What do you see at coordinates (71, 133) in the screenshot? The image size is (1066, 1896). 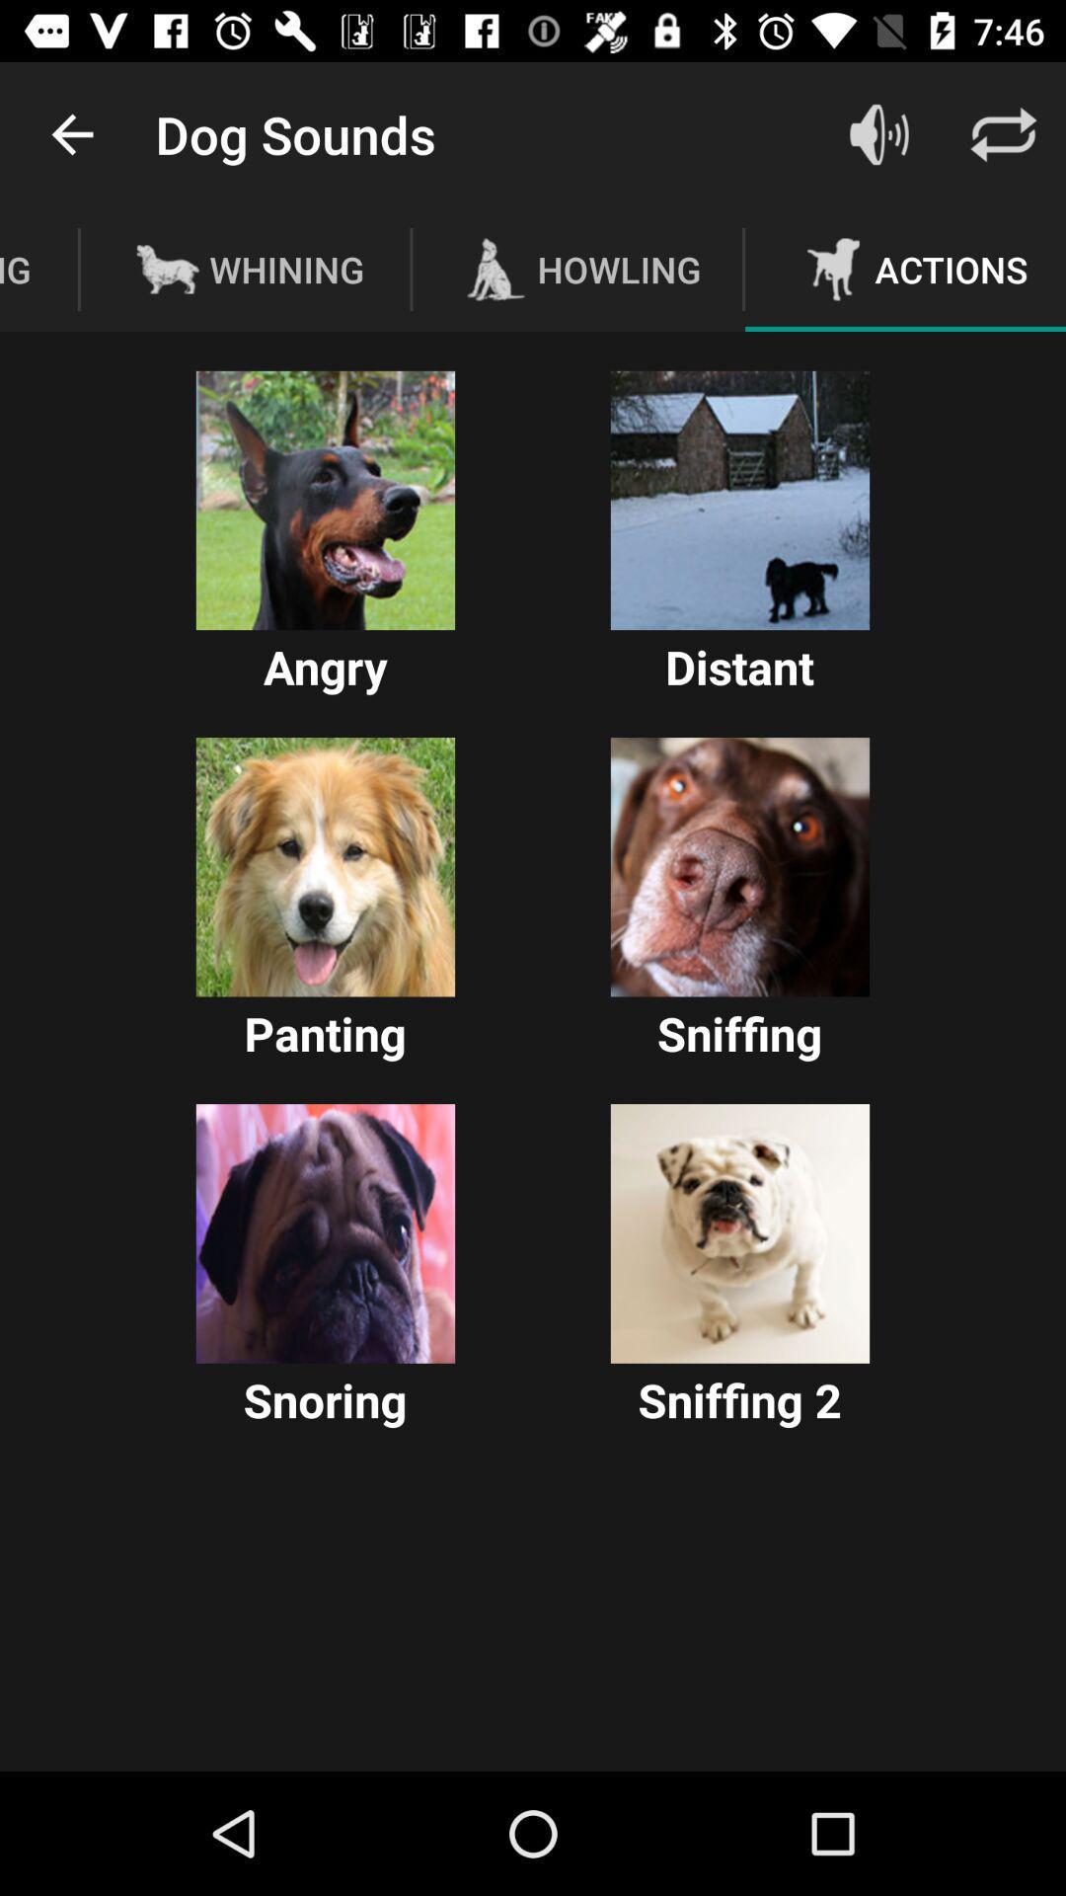 I see `icon next to the dog sounds` at bounding box center [71, 133].